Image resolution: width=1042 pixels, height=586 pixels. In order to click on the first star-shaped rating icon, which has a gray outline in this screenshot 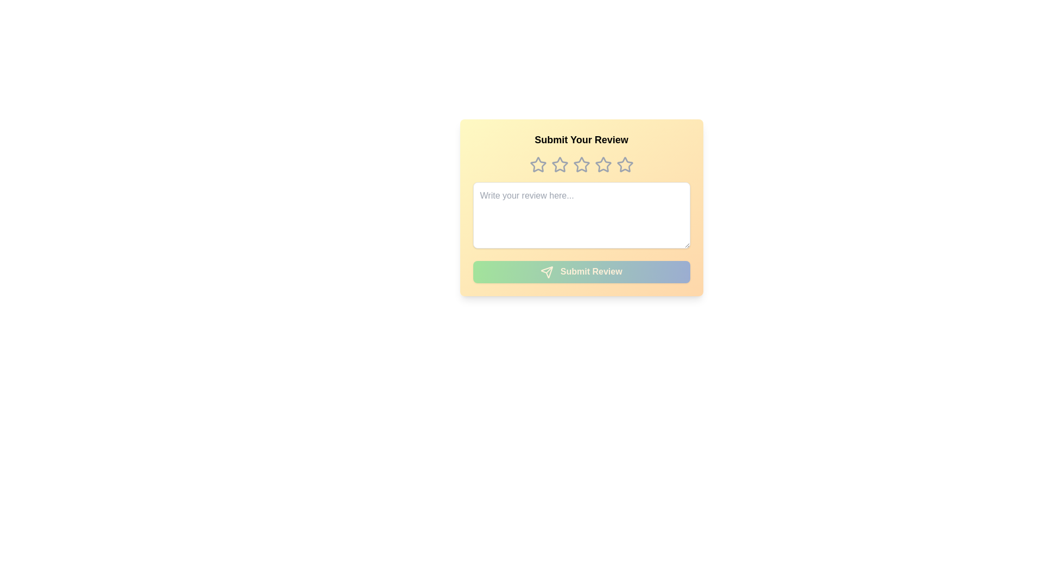, I will do `click(537, 164)`.